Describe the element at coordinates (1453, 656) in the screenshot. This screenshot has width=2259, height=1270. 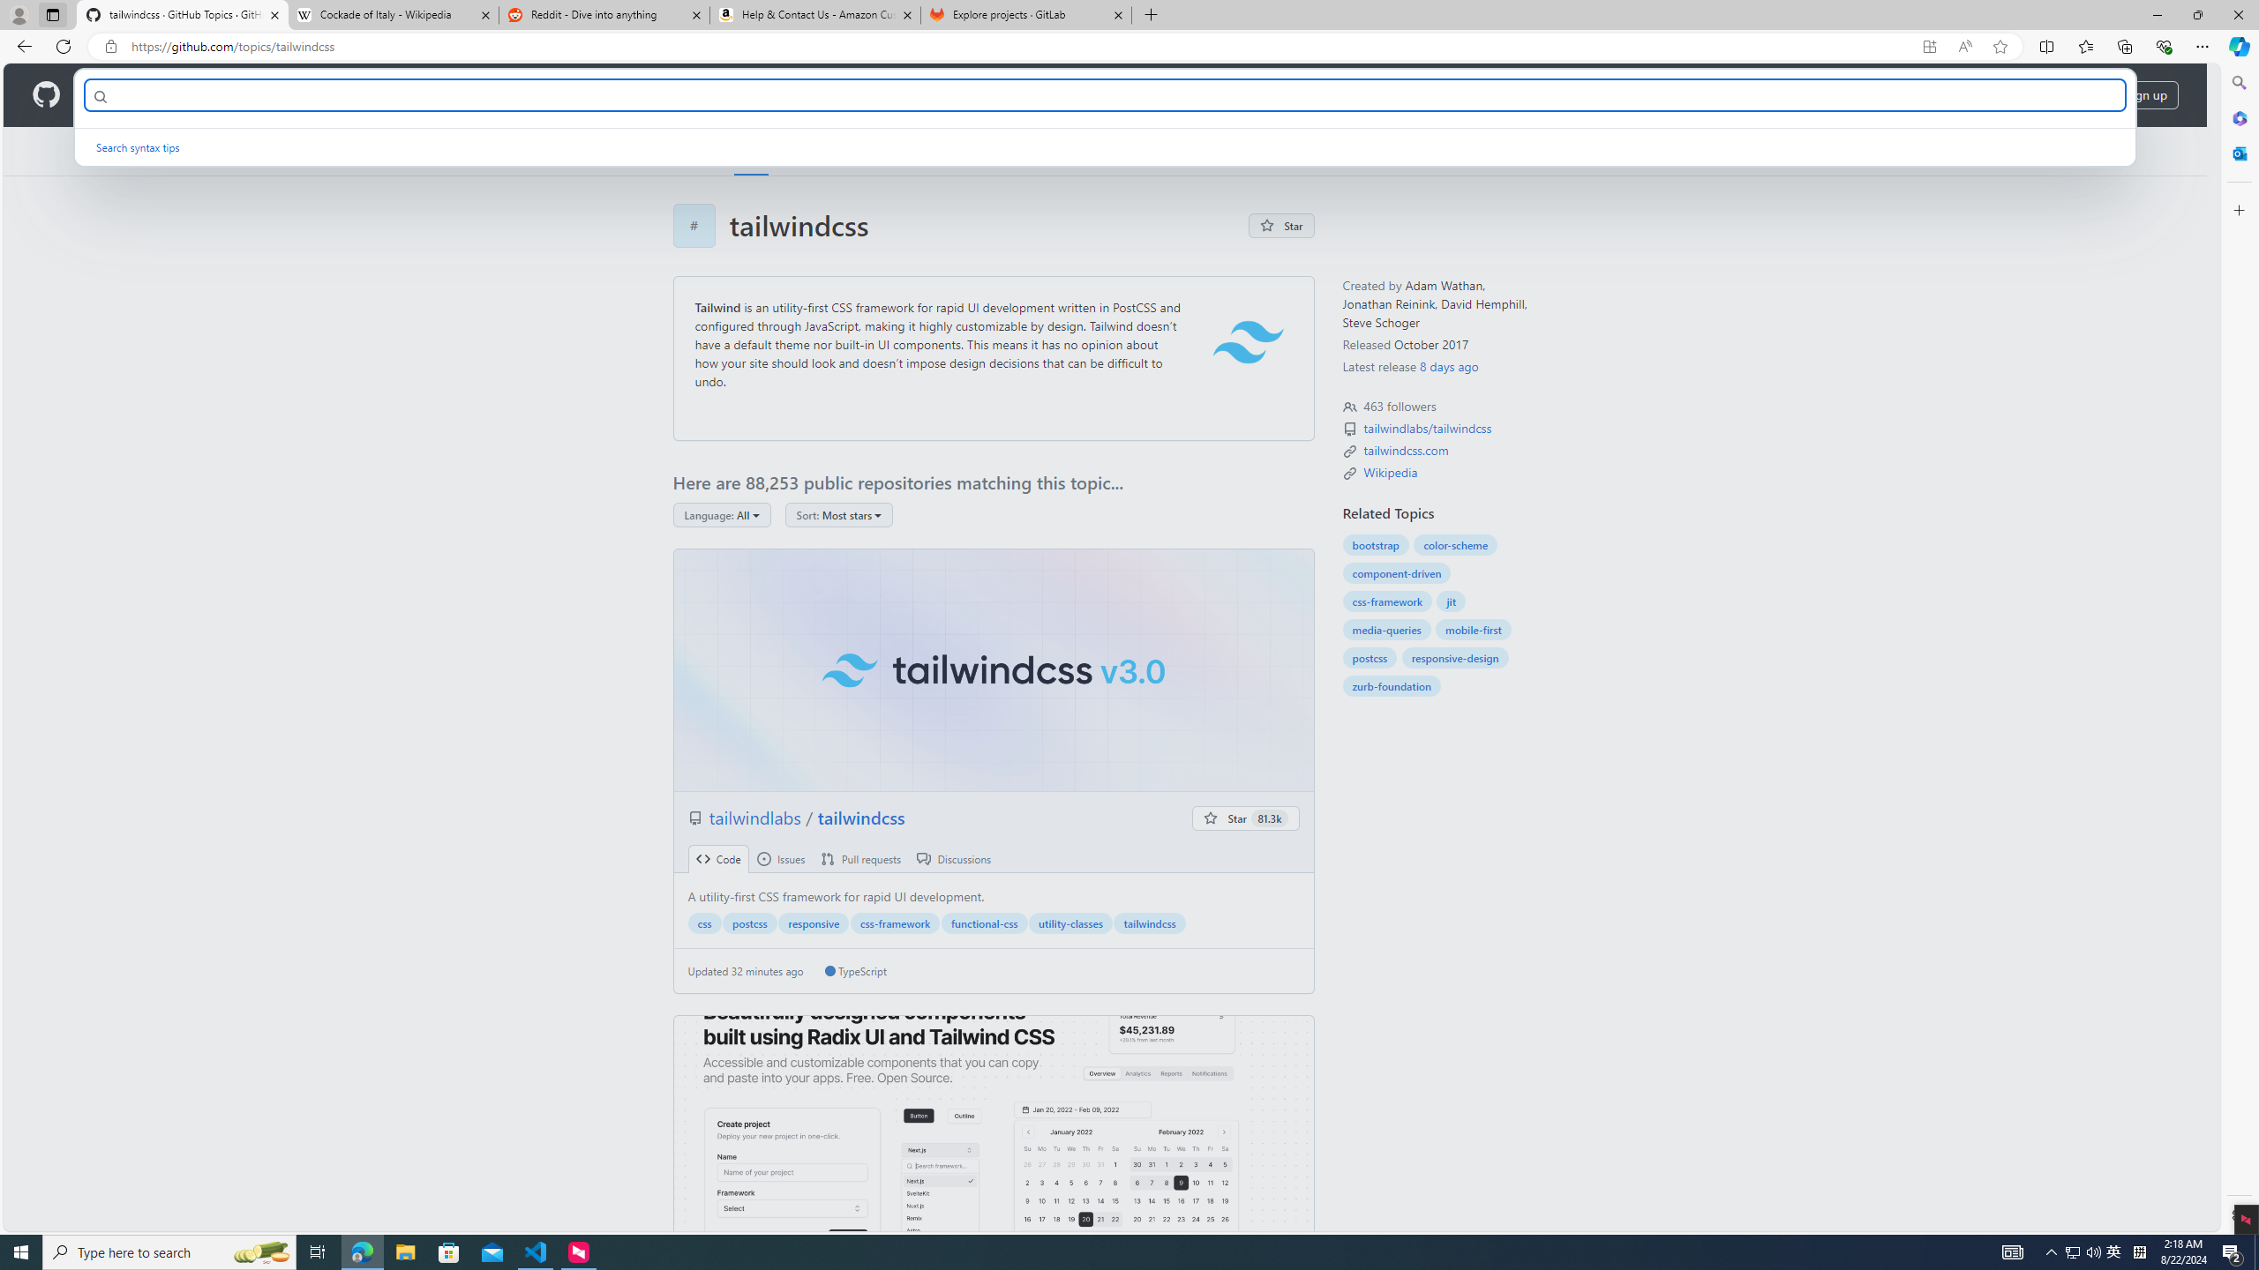
I see `'responsive-design'` at that location.